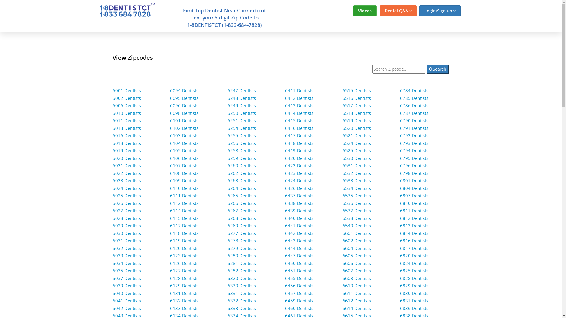 Image resolution: width=566 pixels, height=318 pixels. Describe the element at coordinates (299, 180) in the screenshot. I see `'6424 Dentists'` at that location.